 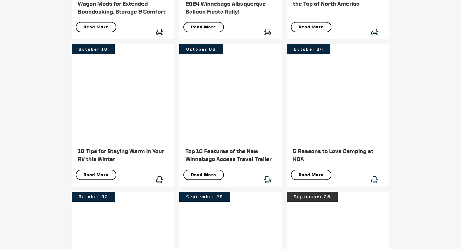 What do you see at coordinates (333, 155) in the screenshot?
I see `'5 Reasons to Love Camping at KOA'` at bounding box center [333, 155].